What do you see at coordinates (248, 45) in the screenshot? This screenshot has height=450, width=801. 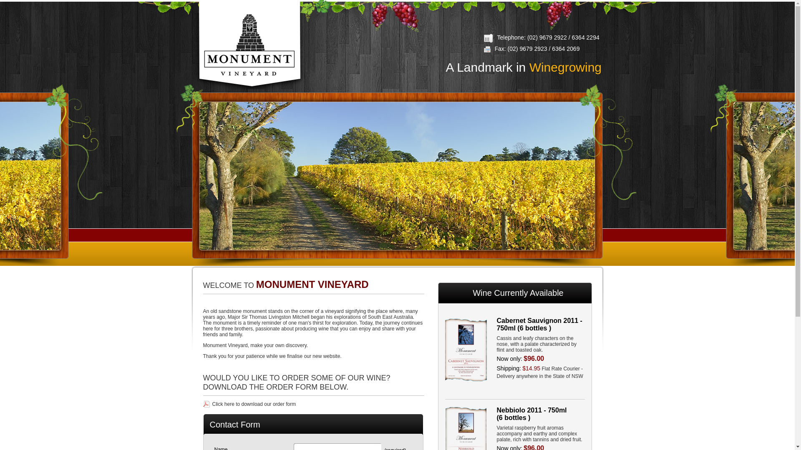 I see `'MOUMENT VINEYARD'` at bounding box center [248, 45].